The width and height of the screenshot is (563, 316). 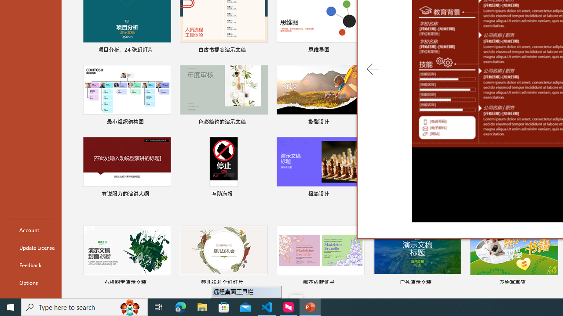 I want to click on 'Feedback', so click(x=30, y=265).